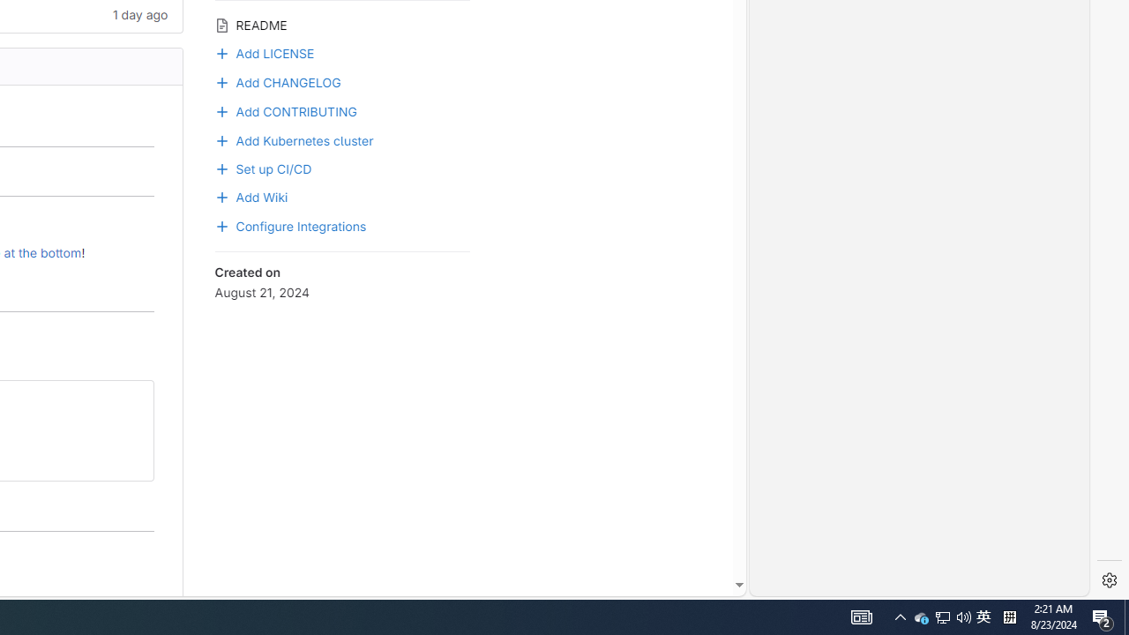  What do you see at coordinates (341, 24) in the screenshot?
I see `'README'` at bounding box center [341, 24].